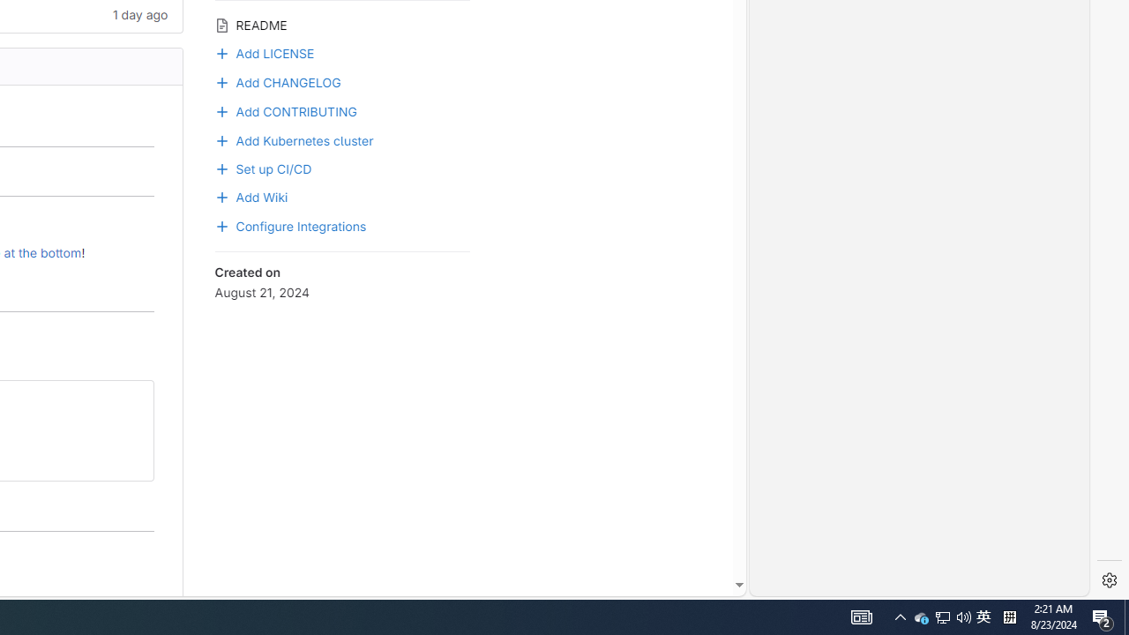  What do you see at coordinates (341, 24) in the screenshot?
I see `'README'` at bounding box center [341, 24].